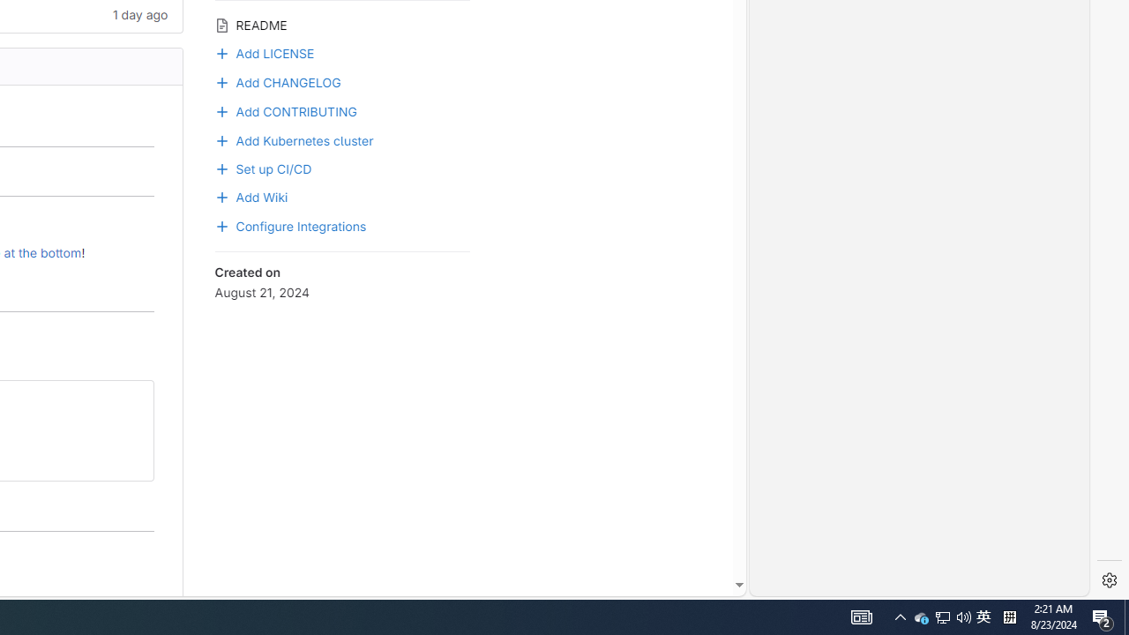  What do you see at coordinates (341, 24) in the screenshot?
I see `'README'` at bounding box center [341, 24].